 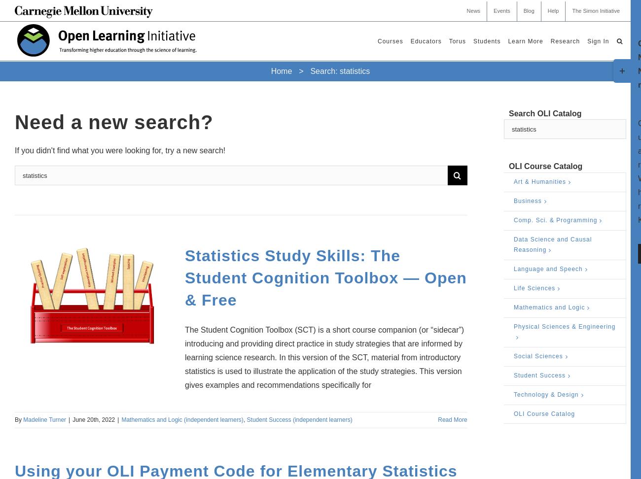 What do you see at coordinates (18, 419) in the screenshot?
I see `'By'` at bounding box center [18, 419].